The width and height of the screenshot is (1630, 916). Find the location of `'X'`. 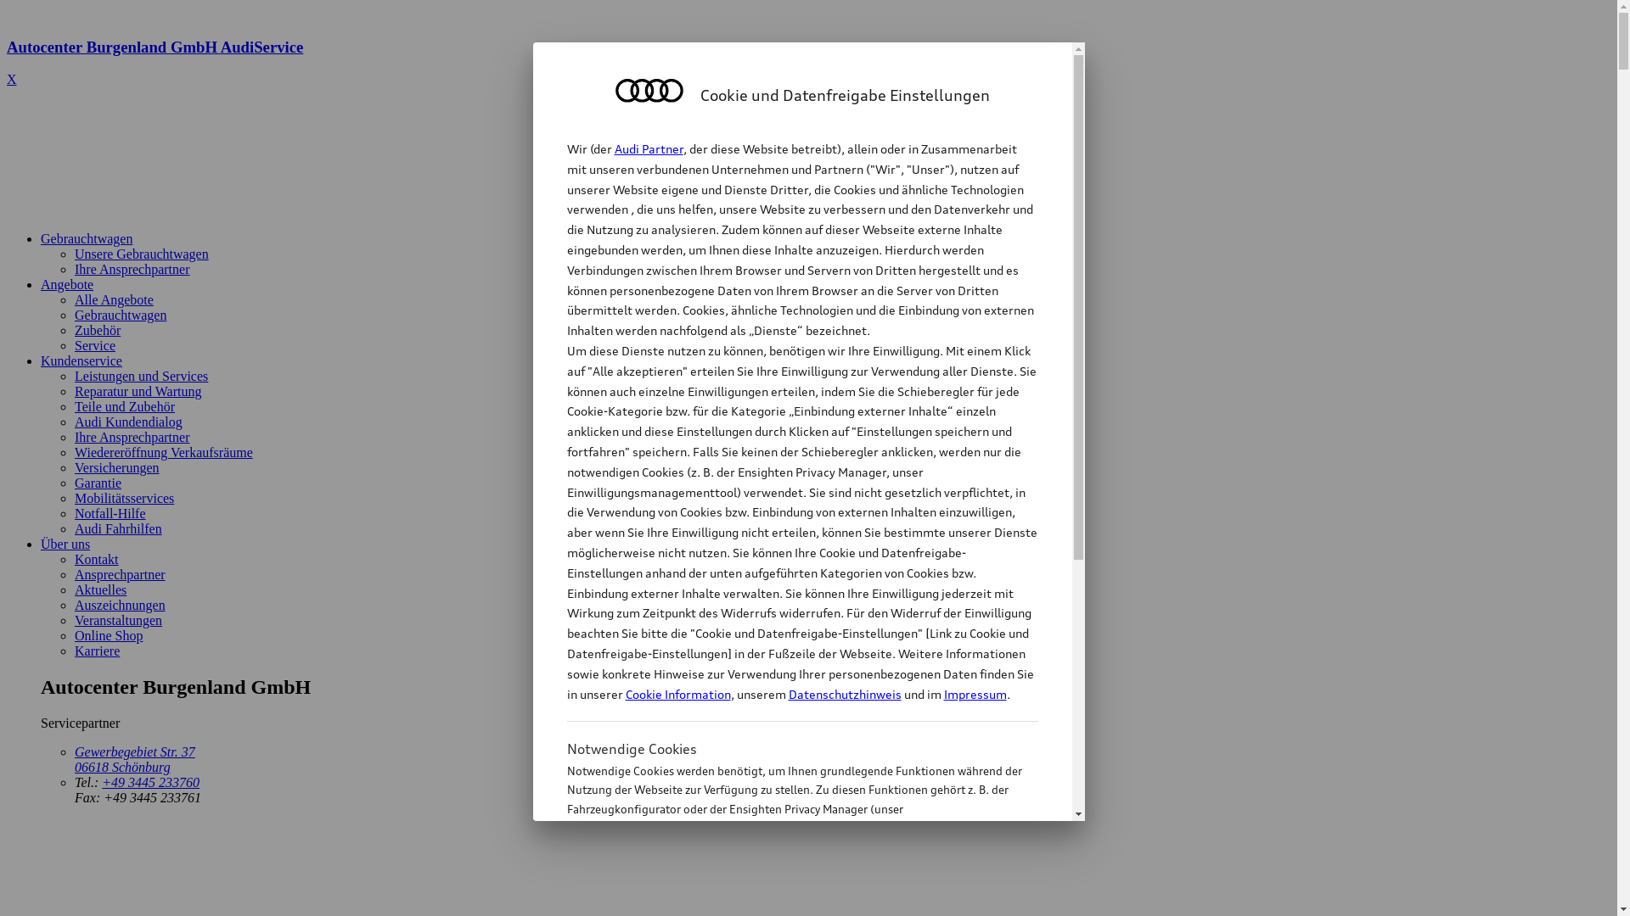

'X' is located at coordinates (7, 79).